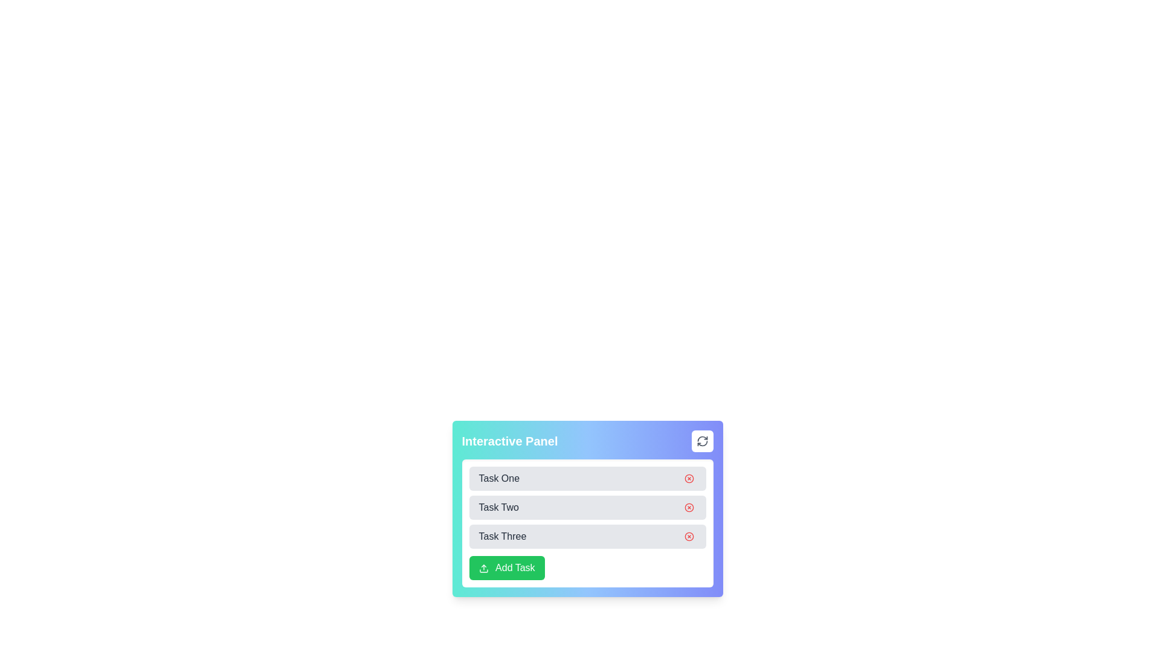 The height and width of the screenshot is (652, 1160). What do you see at coordinates (587, 568) in the screenshot?
I see `keyboard navigation` at bounding box center [587, 568].